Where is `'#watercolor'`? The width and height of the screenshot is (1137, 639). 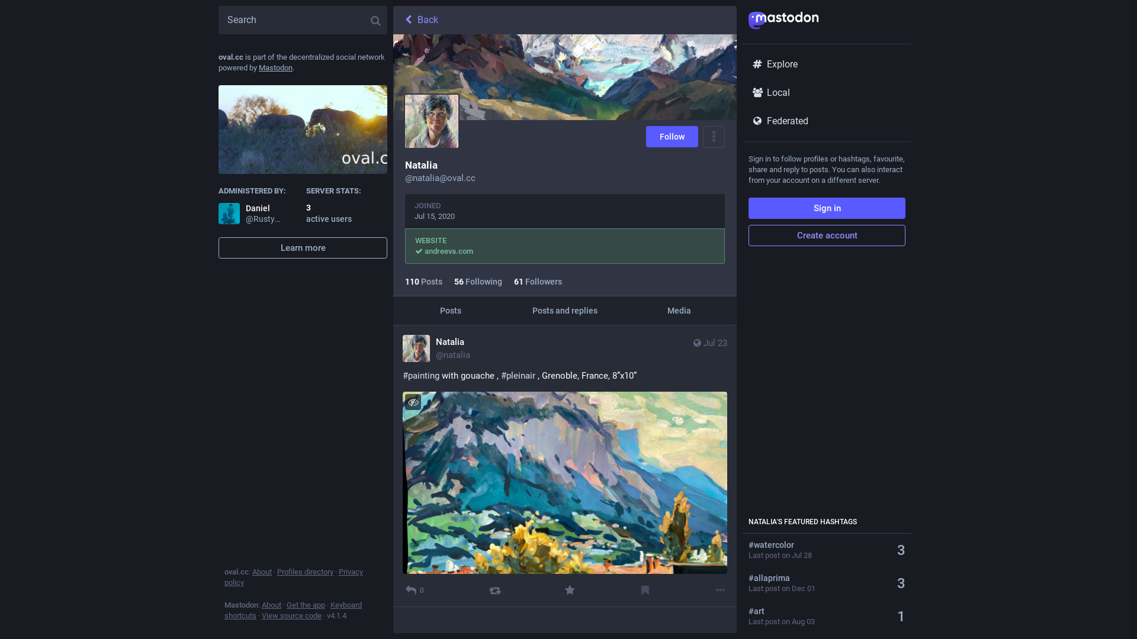
'#watercolor' is located at coordinates (818, 545).